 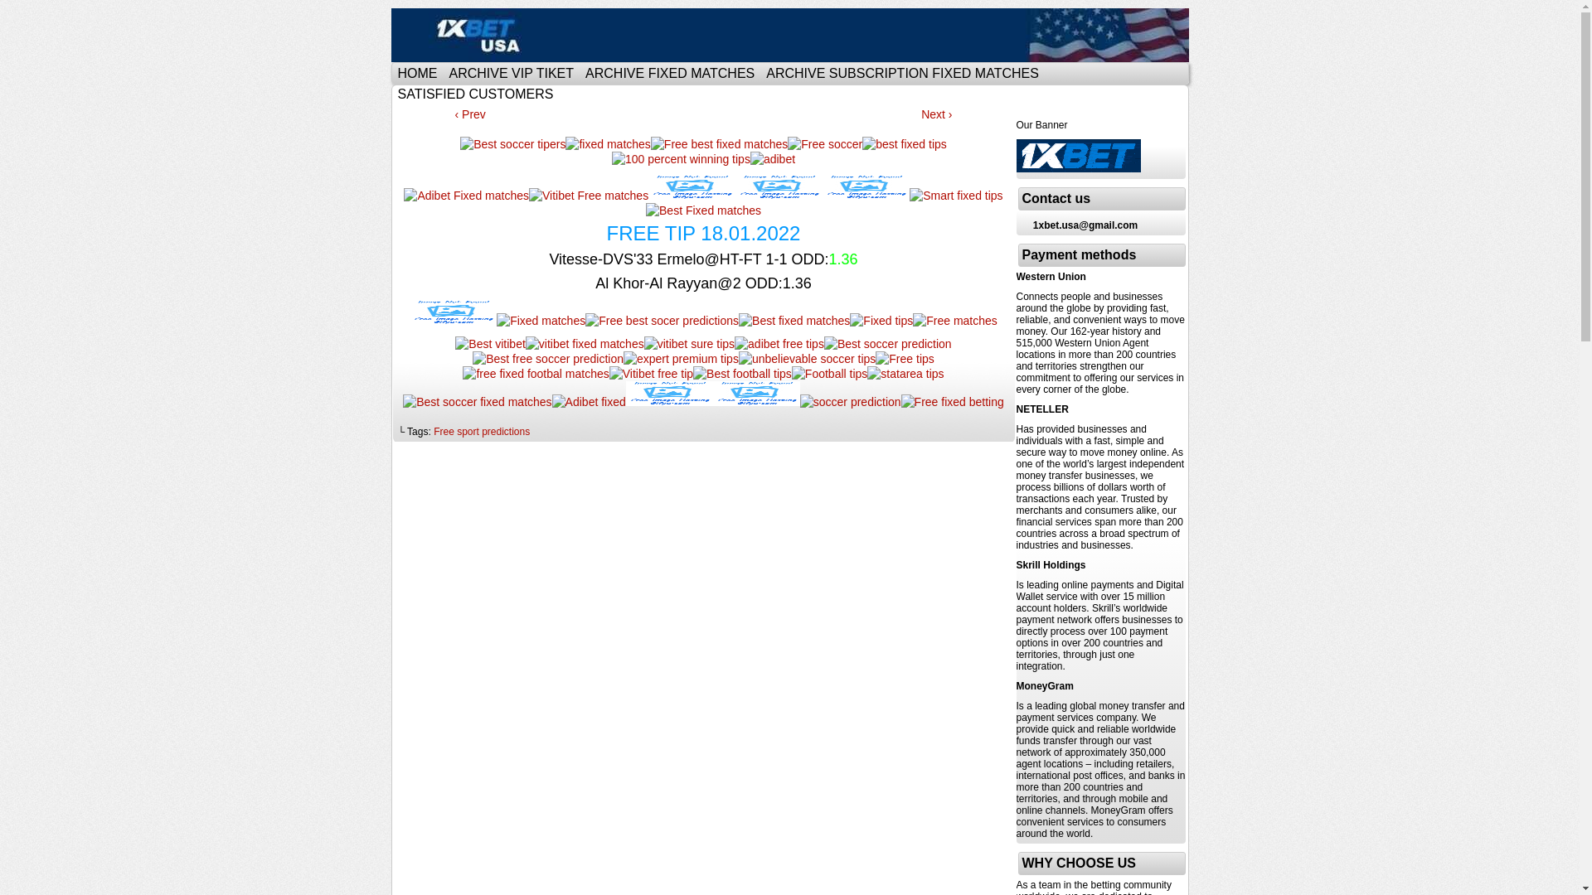 What do you see at coordinates (661, 320) in the screenshot?
I see `'Free best socer predictions'` at bounding box center [661, 320].